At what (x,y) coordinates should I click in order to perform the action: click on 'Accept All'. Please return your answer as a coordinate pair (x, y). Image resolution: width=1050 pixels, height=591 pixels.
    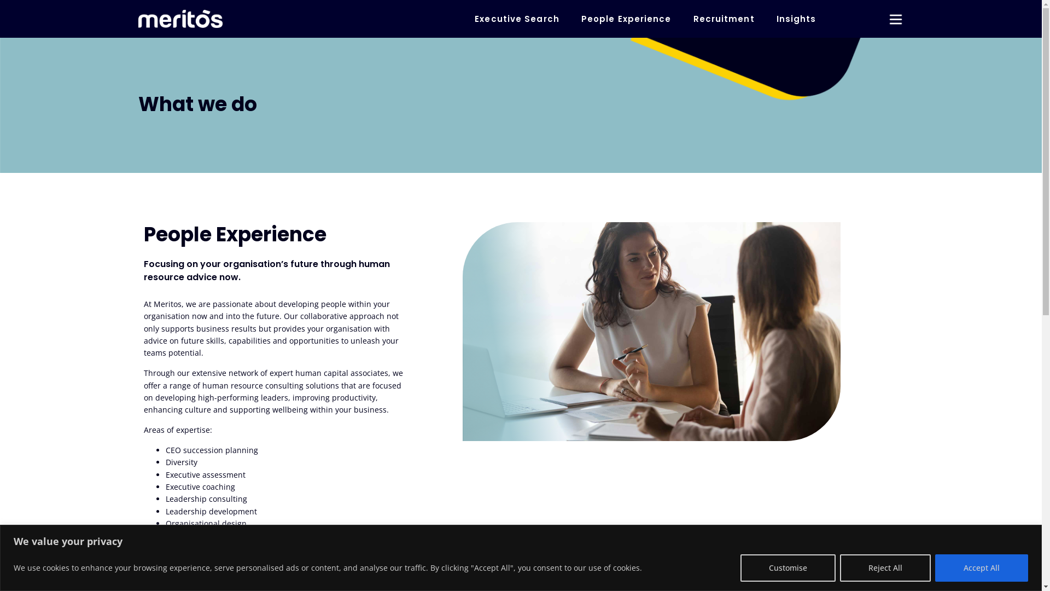
    Looking at the image, I should click on (934, 567).